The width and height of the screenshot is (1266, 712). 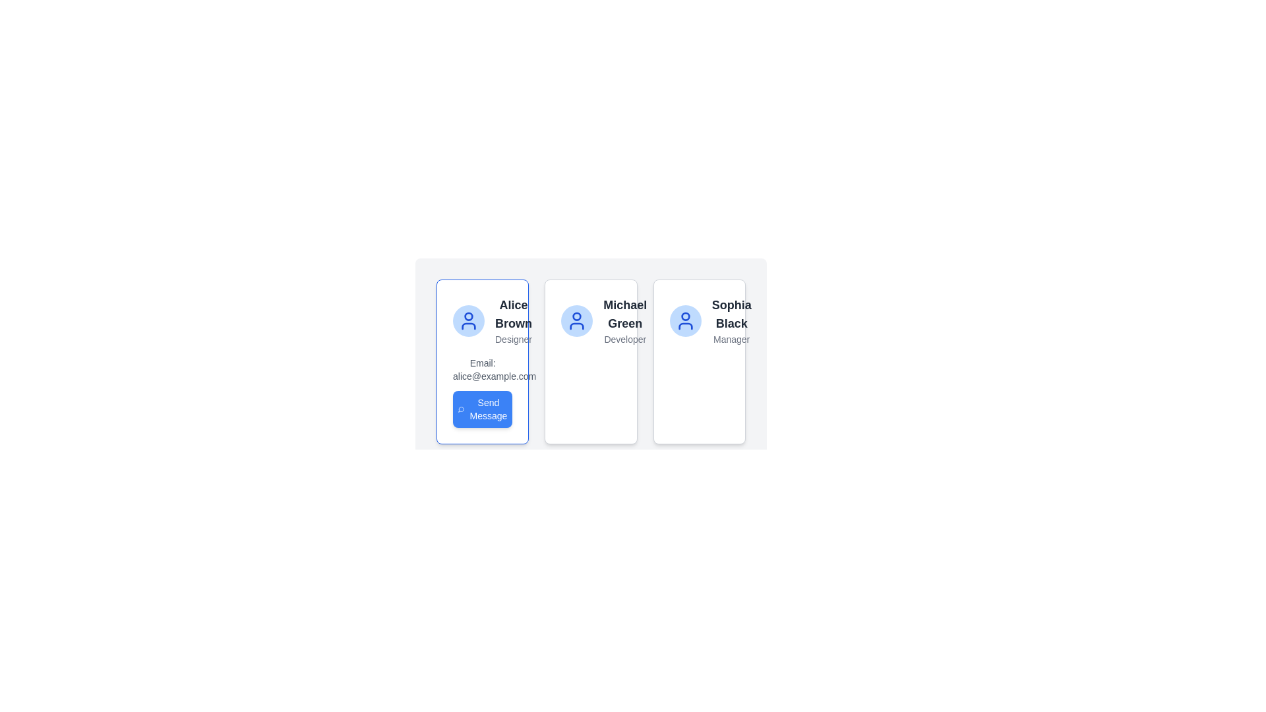 What do you see at coordinates (685, 320) in the screenshot?
I see `the User Profile Icon, which is a blue silhouette within a circular background` at bounding box center [685, 320].